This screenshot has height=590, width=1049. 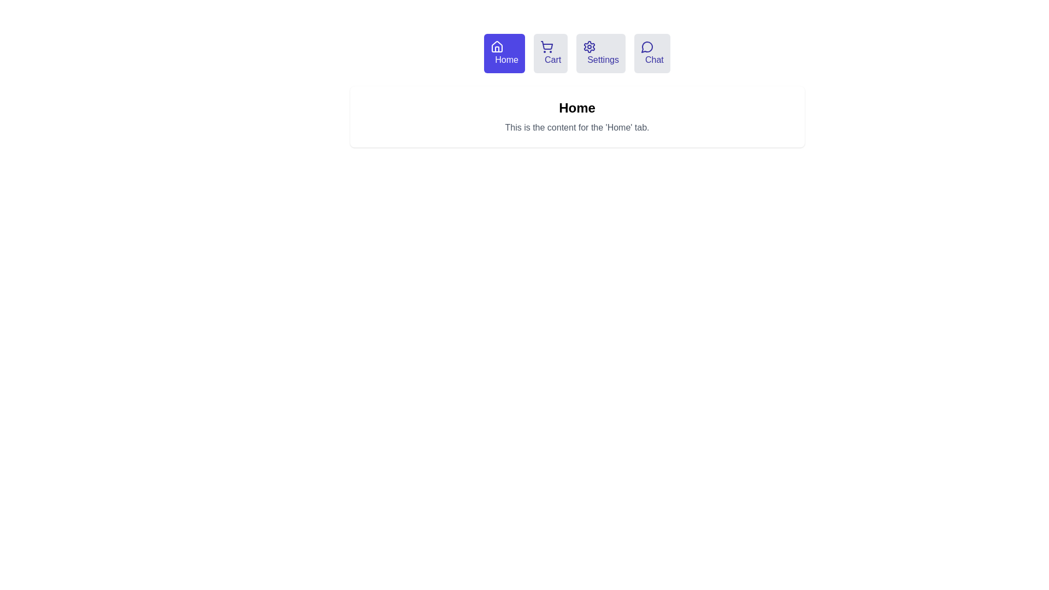 What do you see at coordinates (600, 53) in the screenshot?
I see `the tab labeled Settings to observe its visual changes` at bounding box center [600, 53].